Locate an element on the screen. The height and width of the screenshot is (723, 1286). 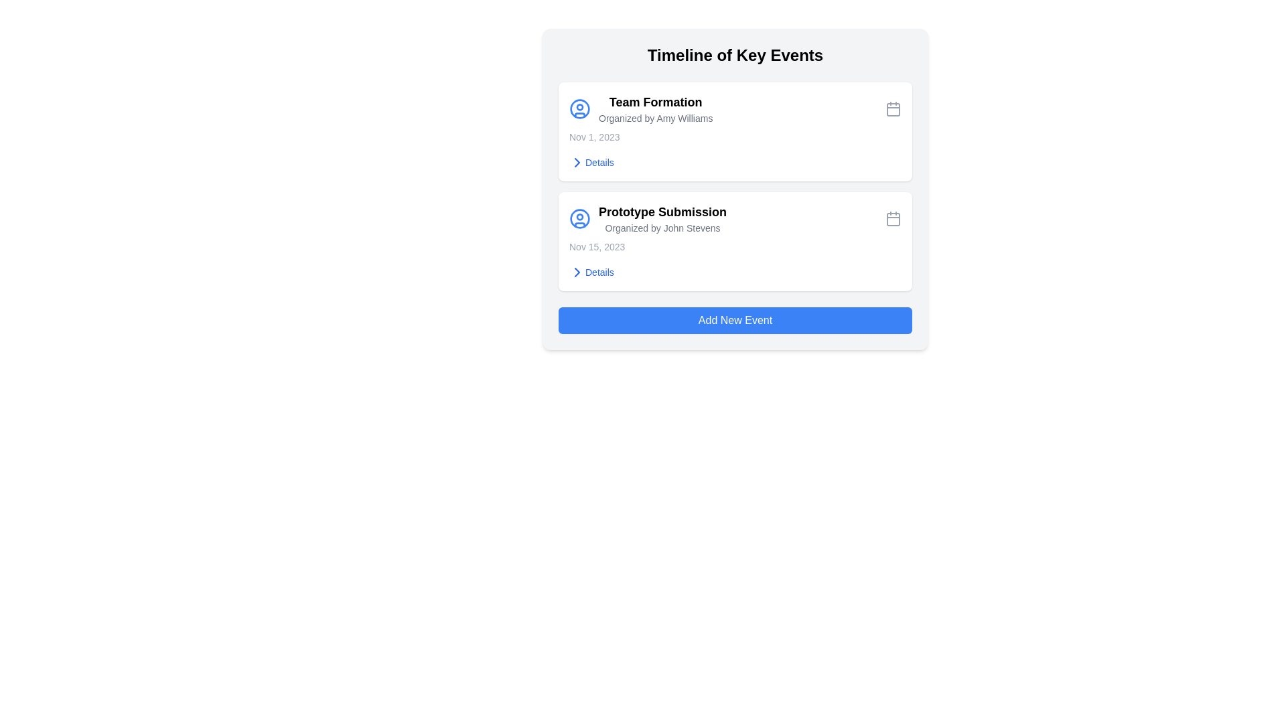
the button located at the bottom of the card-like structure to initiate the process of adding a new event to the timeline is located at coordinates (735, 320).